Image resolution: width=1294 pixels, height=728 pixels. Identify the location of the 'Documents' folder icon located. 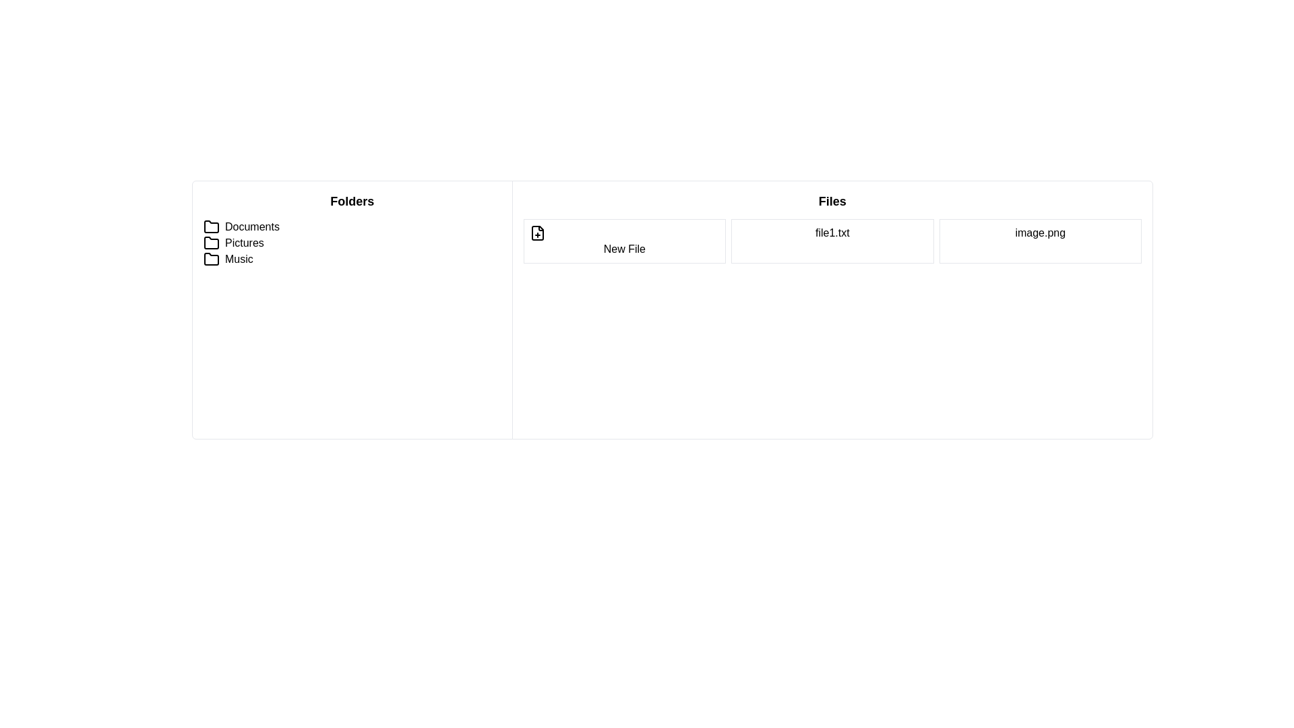
(210, 226).